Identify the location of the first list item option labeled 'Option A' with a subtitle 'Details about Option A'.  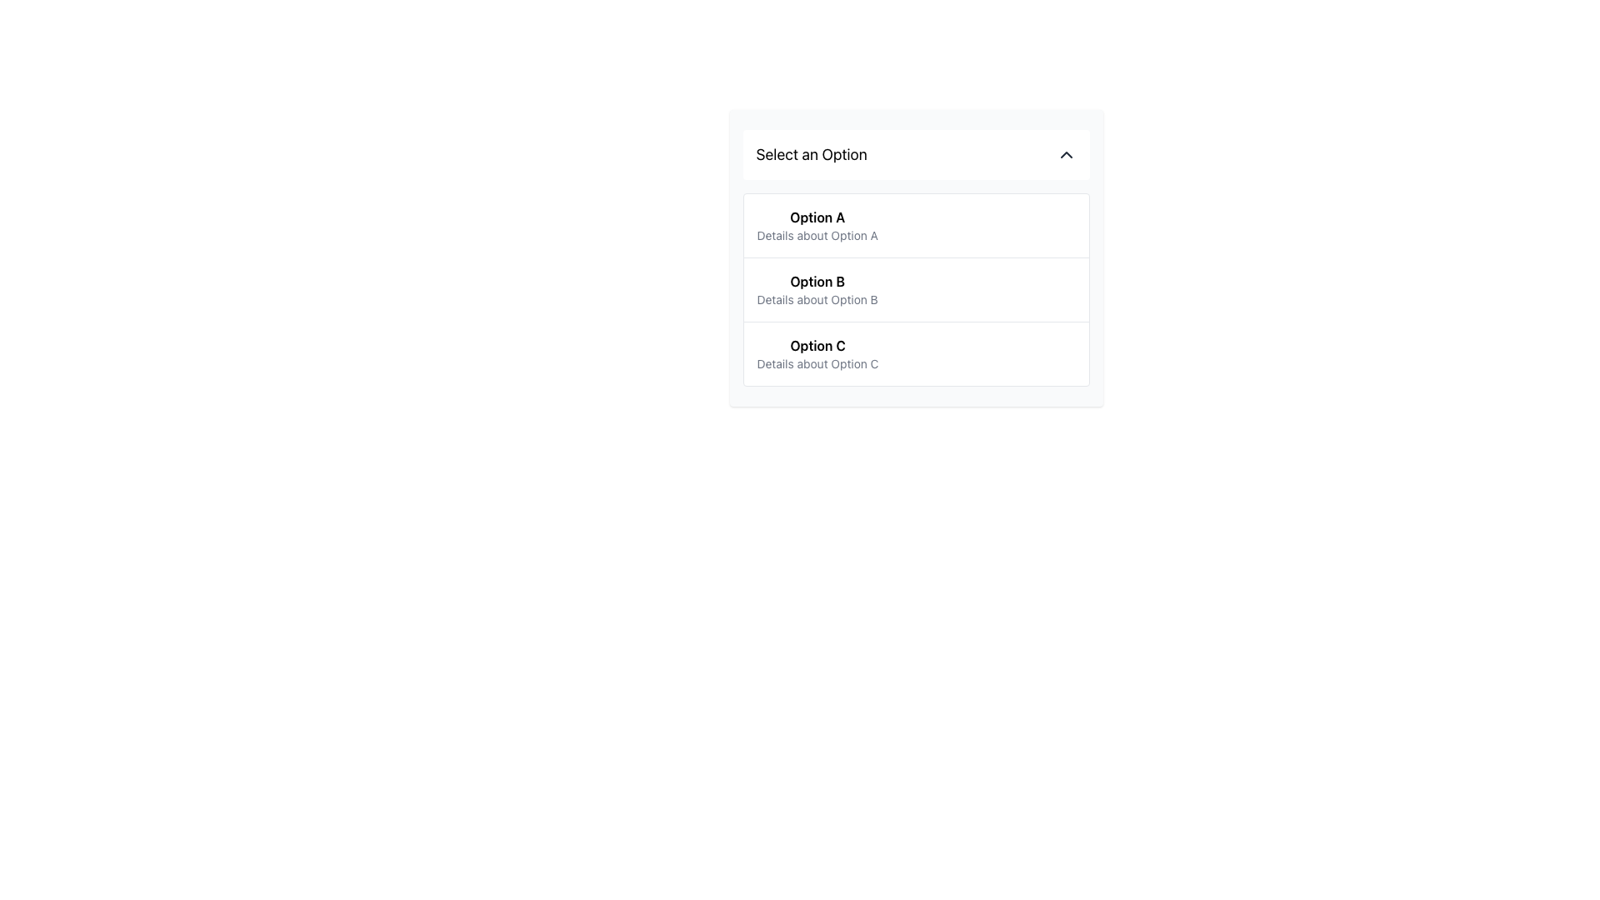
(817, 225).